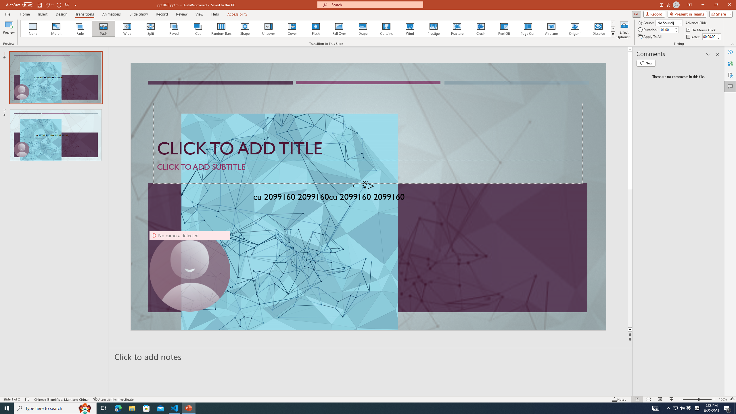  What do you see at coordinates (315, 28) in the screenshot?
I see `'Flash'` at bounding box center [315, 28].